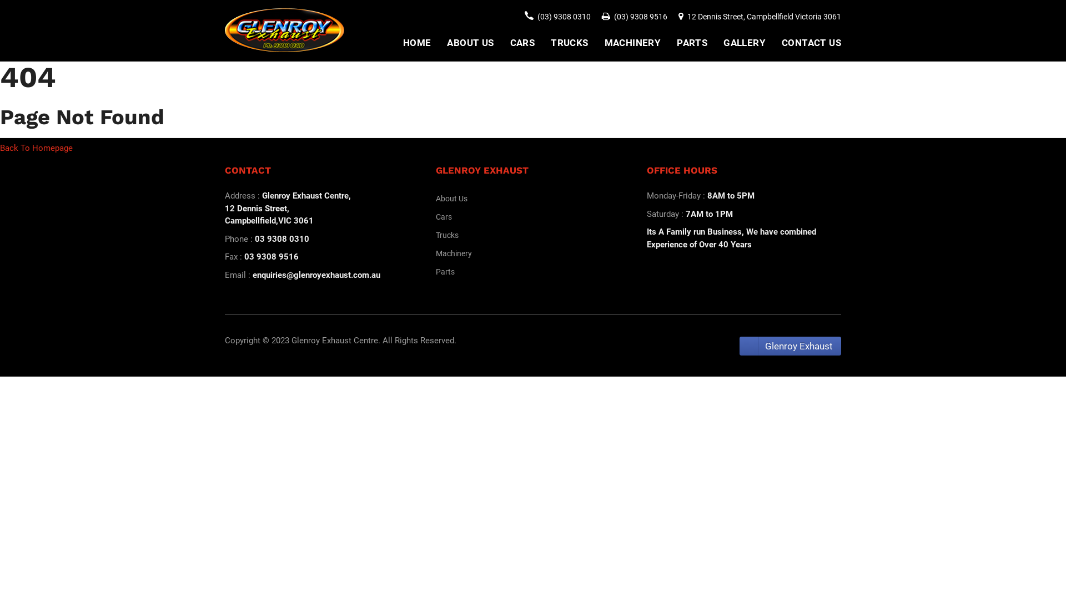 The image size is (1066, 599). Describe the element at coordinates (569, 42) in the screenshot. I see `'TRUCKS'` at that location.